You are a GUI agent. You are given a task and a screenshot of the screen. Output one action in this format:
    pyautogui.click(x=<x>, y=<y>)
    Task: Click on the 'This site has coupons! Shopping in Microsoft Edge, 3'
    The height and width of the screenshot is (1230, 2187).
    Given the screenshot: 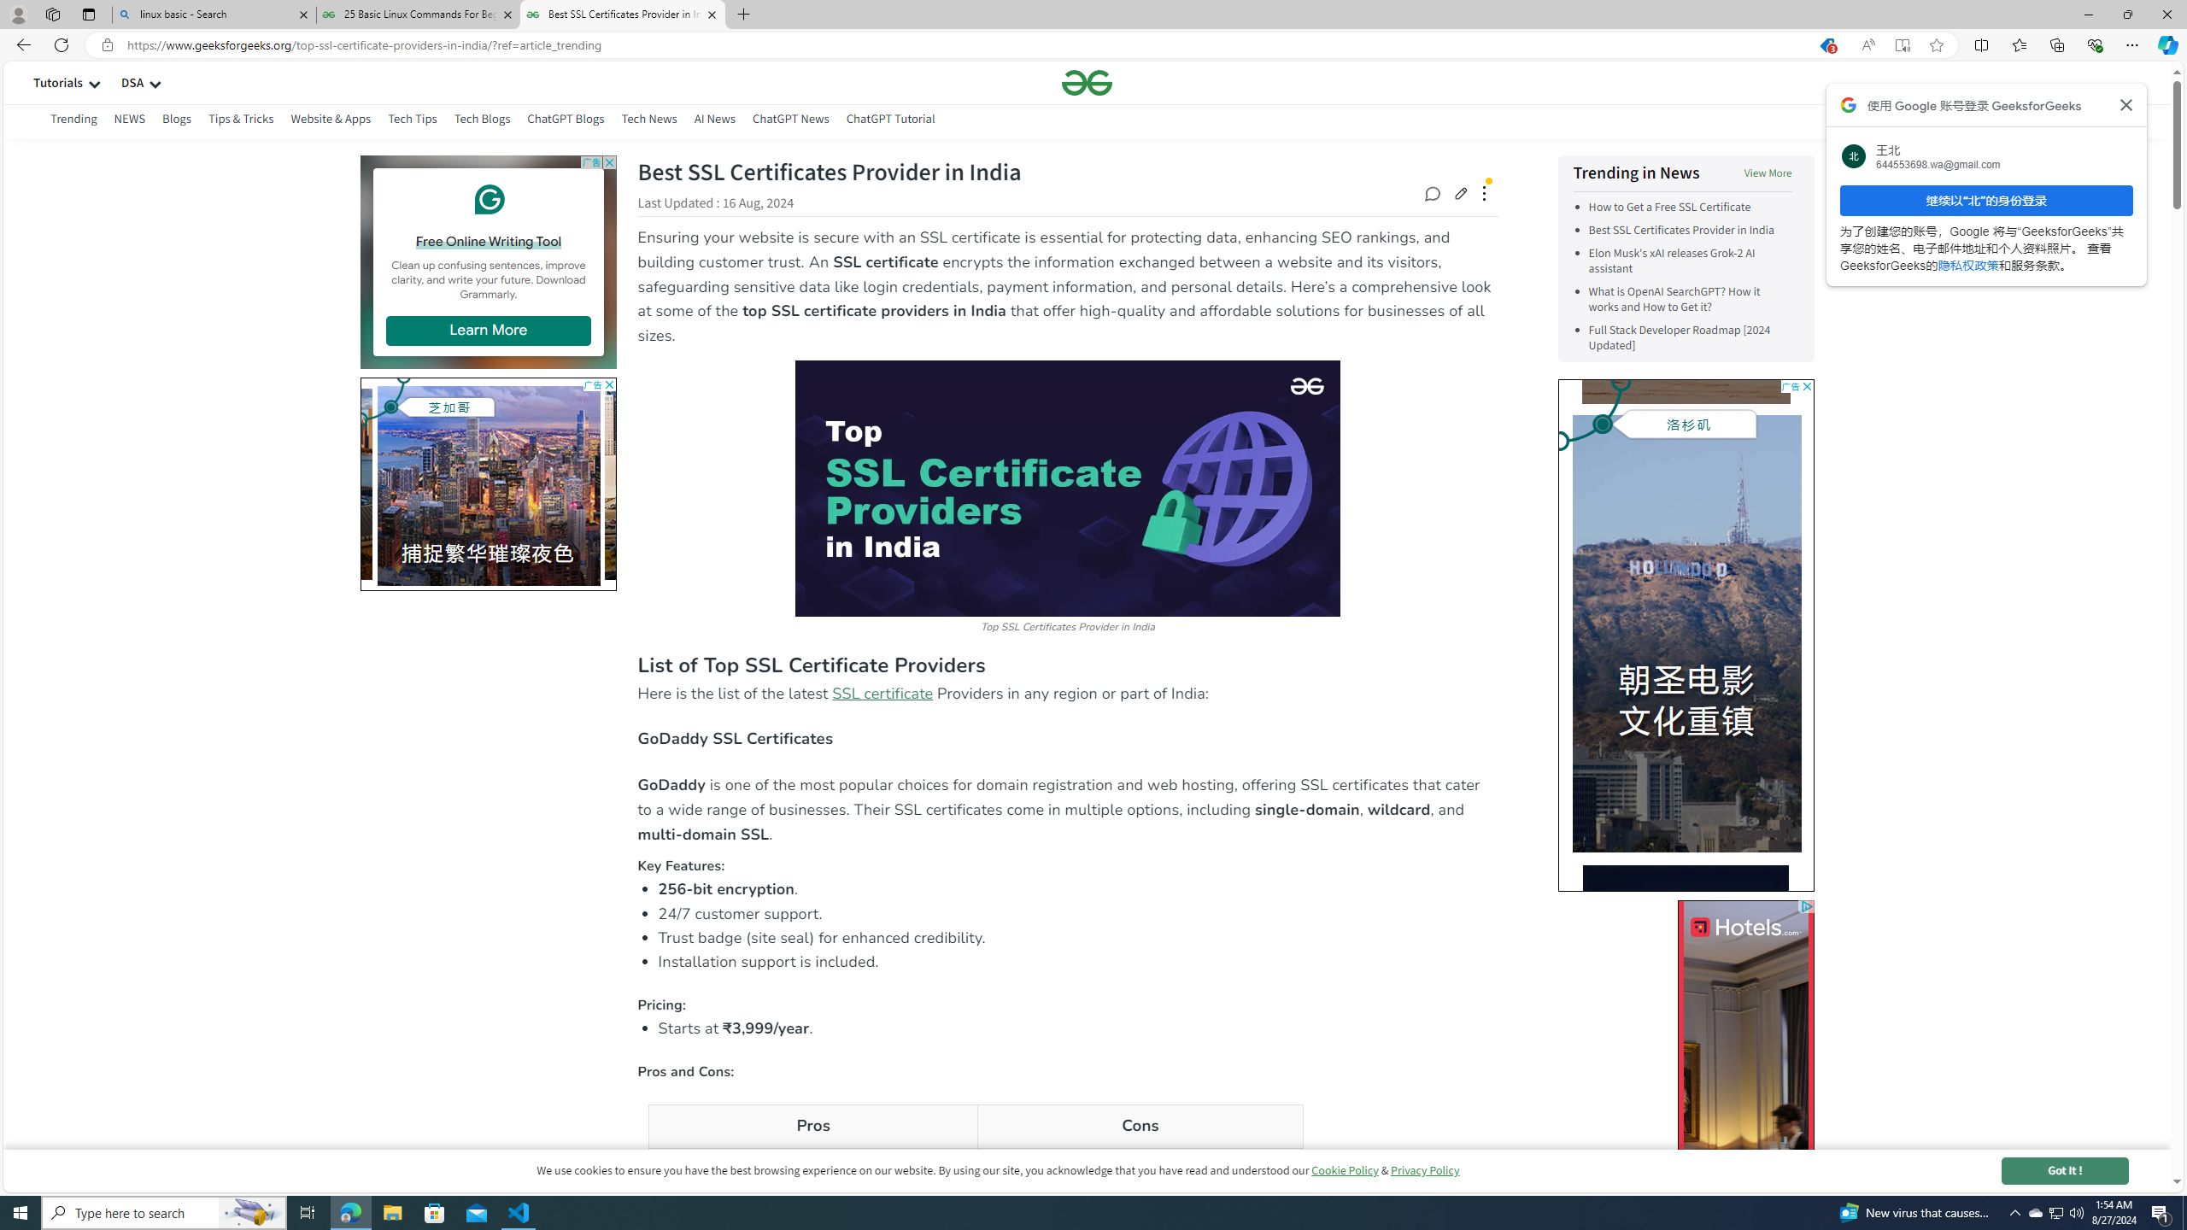 What is the action you would take?
    pyautogui.click(x=1826, y=45)
    